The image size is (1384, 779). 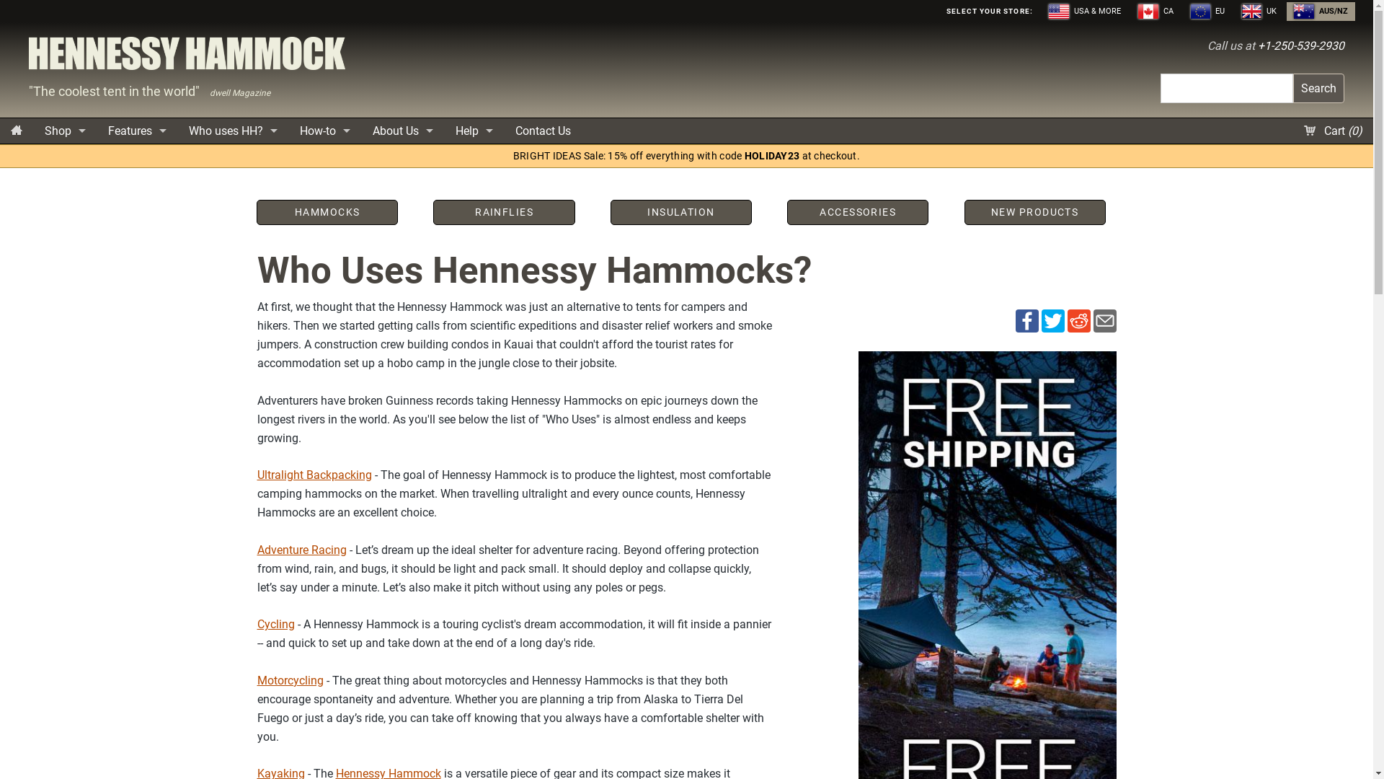 I want to click on 'Adventure Racing', so click(x=300, y=550).